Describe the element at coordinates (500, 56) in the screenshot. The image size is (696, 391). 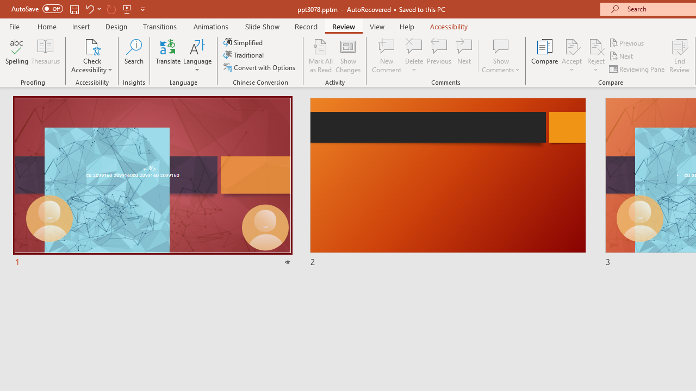
I see `'Show Comments'` at that location.